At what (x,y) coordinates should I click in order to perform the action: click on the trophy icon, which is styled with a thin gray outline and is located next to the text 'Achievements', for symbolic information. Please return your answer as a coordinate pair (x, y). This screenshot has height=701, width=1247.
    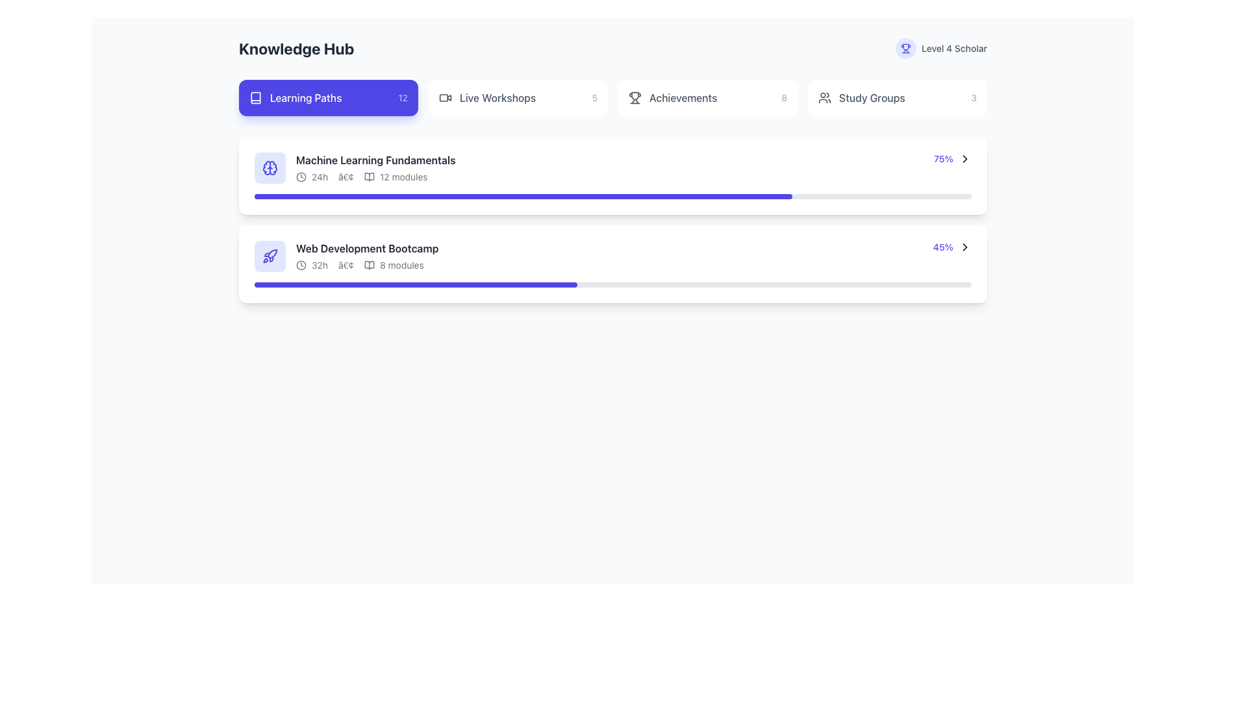
    Looking at the image, I should click on (635, 97).